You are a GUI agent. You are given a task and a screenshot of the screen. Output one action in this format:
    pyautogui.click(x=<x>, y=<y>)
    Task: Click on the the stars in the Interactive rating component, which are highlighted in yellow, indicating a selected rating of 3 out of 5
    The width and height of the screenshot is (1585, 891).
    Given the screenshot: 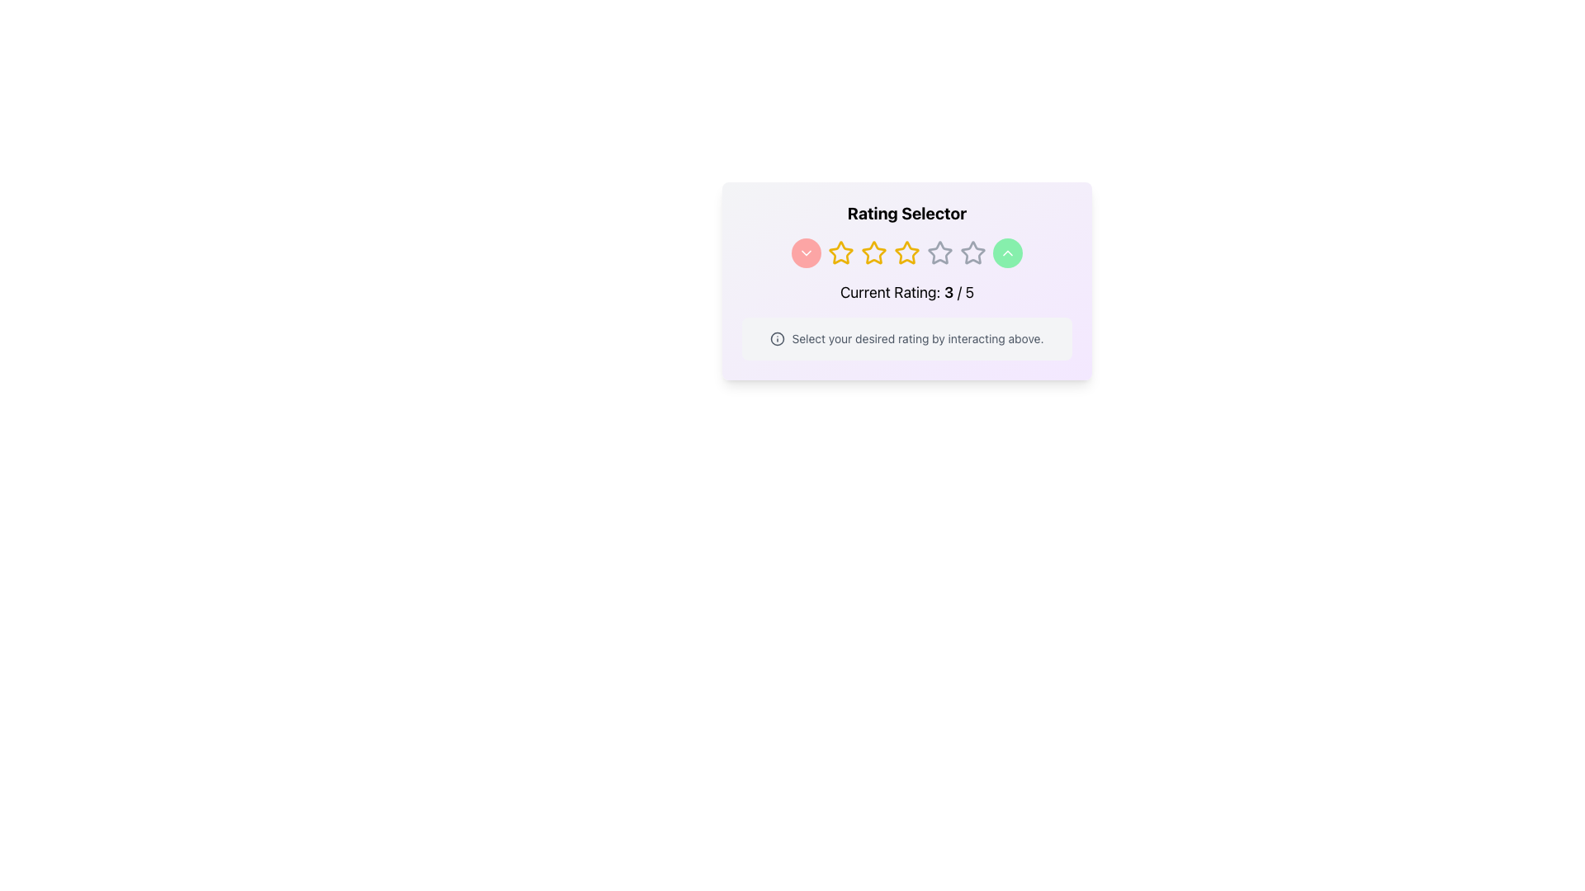 What is the action you would take?
    pyautogui.click(x=906, y=280)
    